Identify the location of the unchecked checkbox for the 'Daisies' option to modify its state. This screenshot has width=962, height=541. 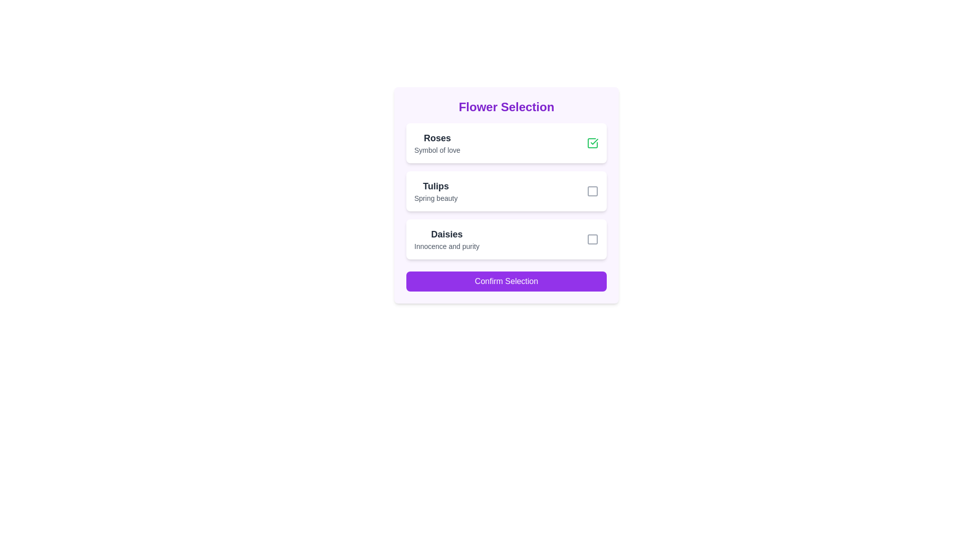
(592, 239).